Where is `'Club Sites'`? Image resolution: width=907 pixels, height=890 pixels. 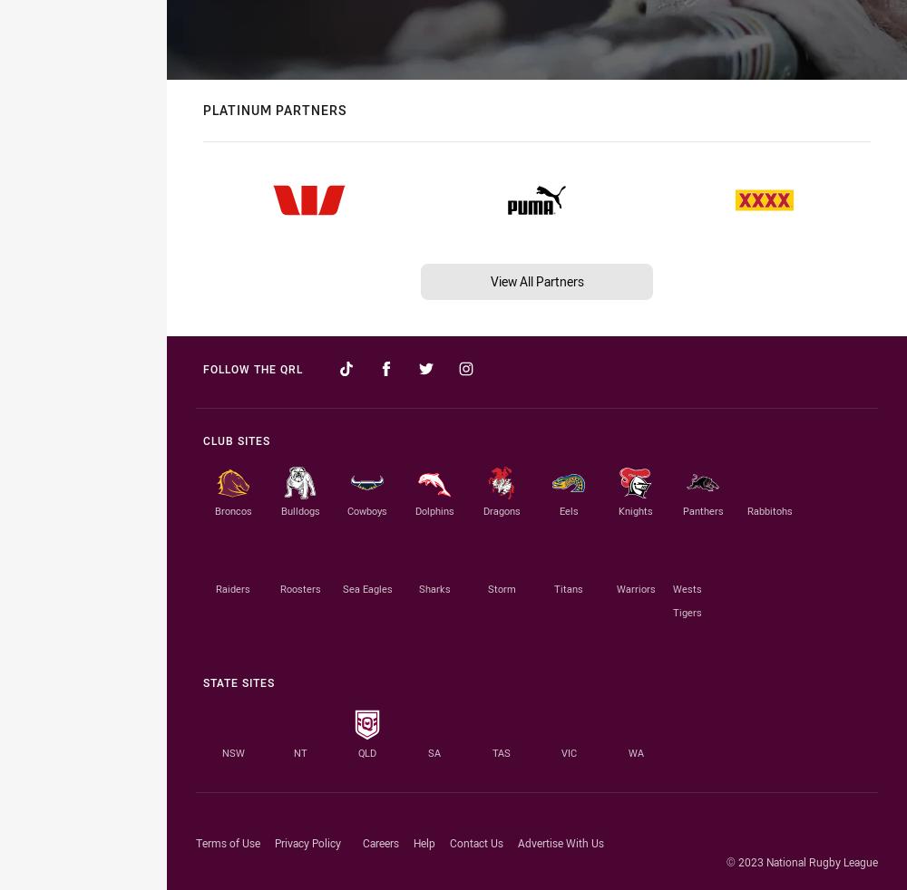 'Club Sites' is located at coordinates (237, 440).